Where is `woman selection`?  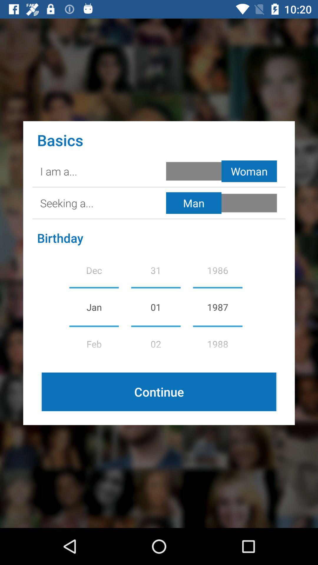
woman selection is located at coordinates (223, 171).